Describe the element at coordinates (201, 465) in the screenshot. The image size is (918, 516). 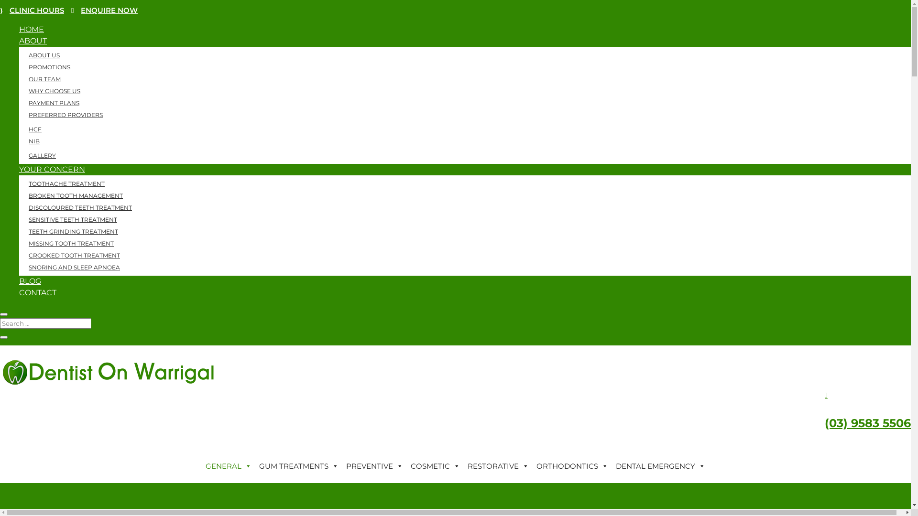
I see `'GENERAL'` at that location.